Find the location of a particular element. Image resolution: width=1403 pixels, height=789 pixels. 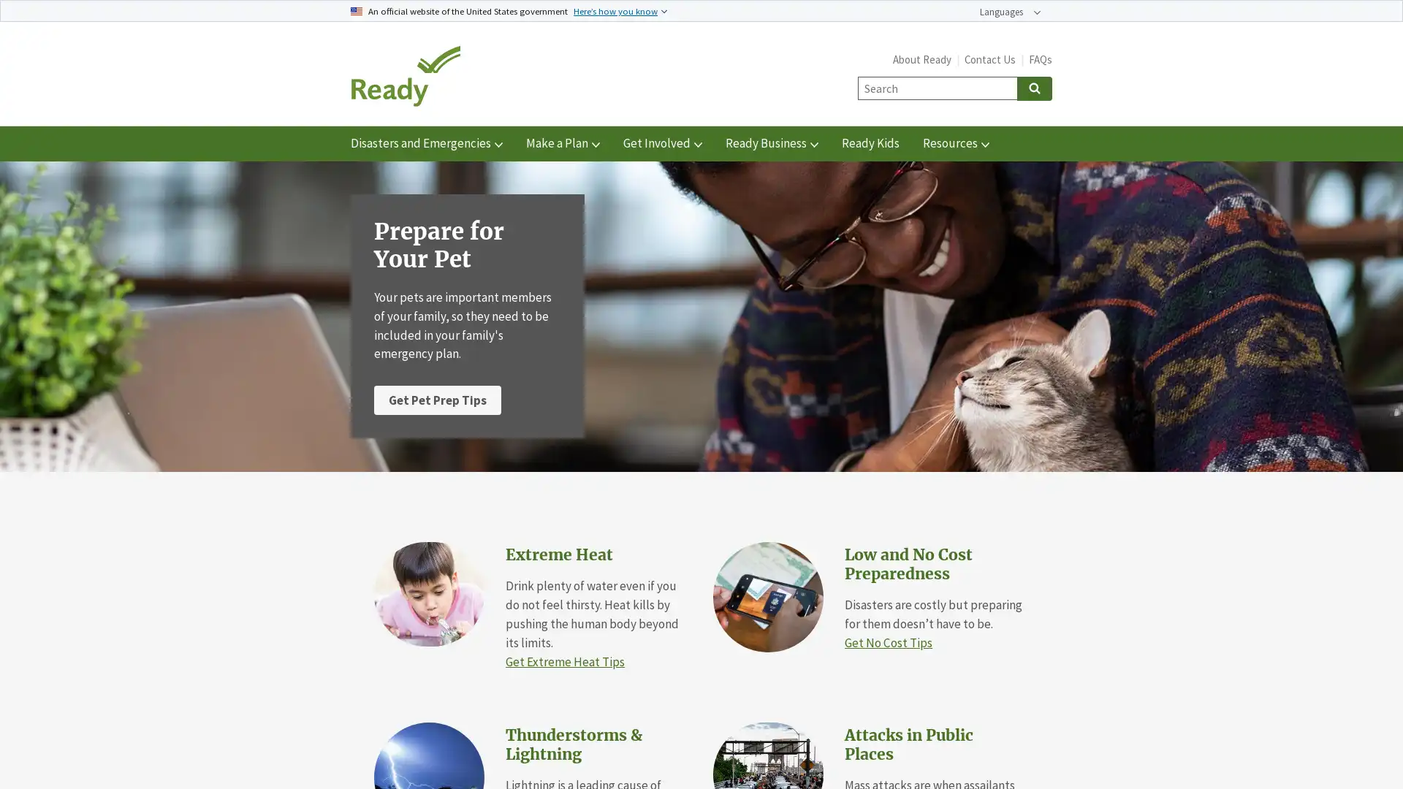

Search is located at coordinates (1034, 88).